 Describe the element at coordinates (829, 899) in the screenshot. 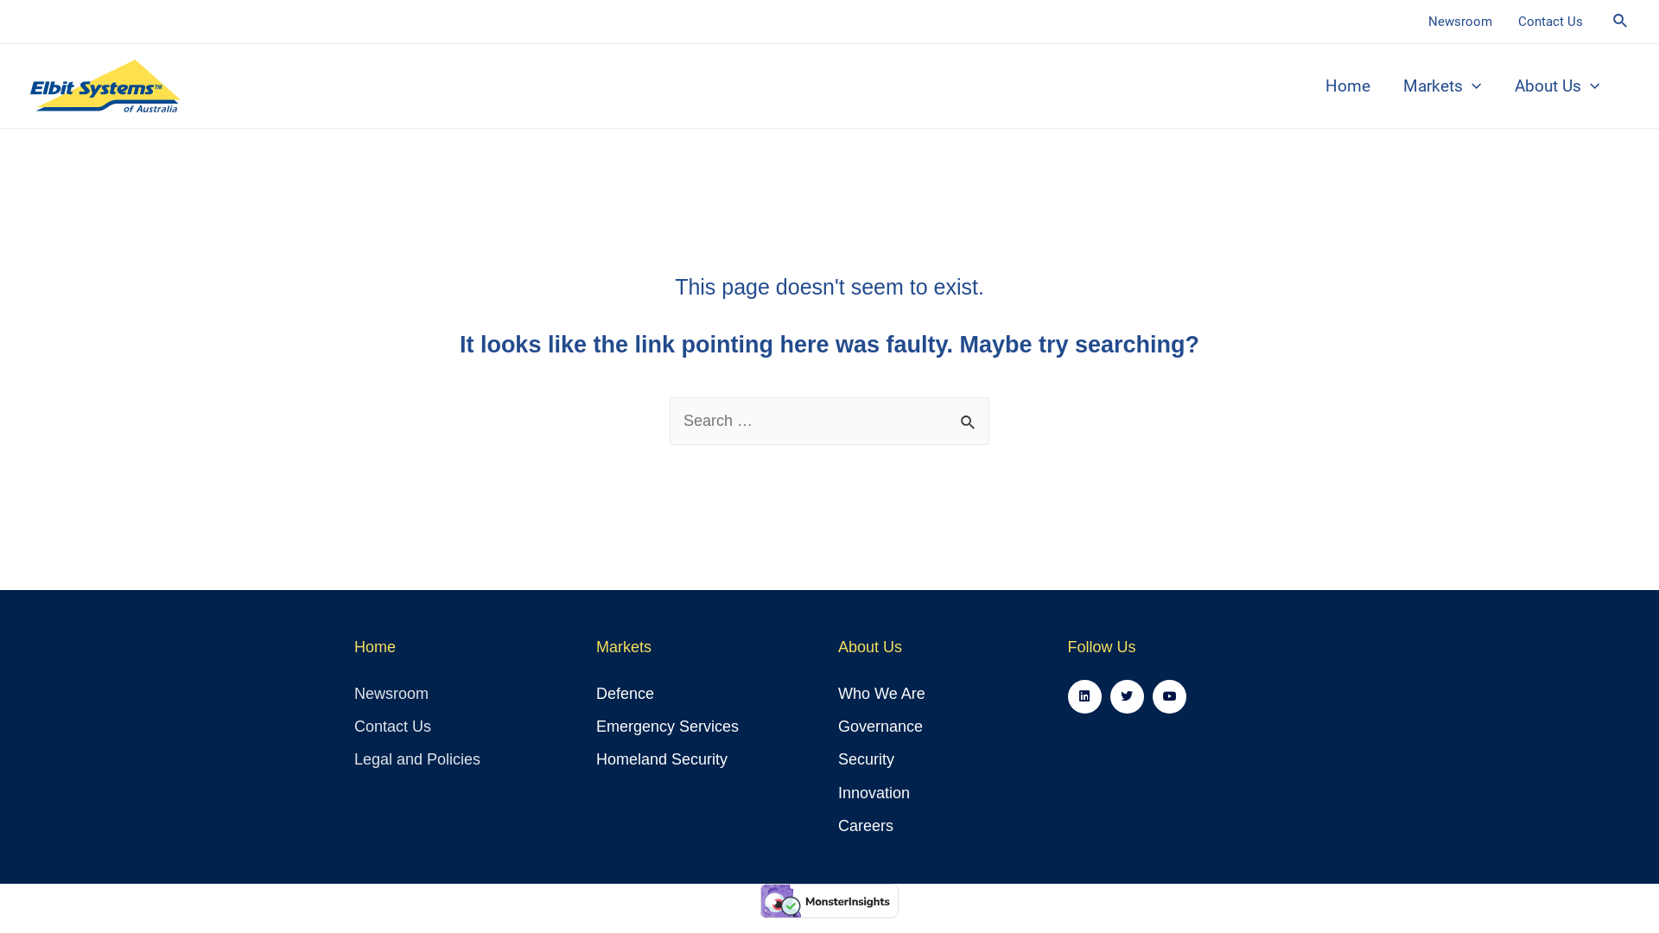

I see `'Verified by MonsterInsights'` at that location.